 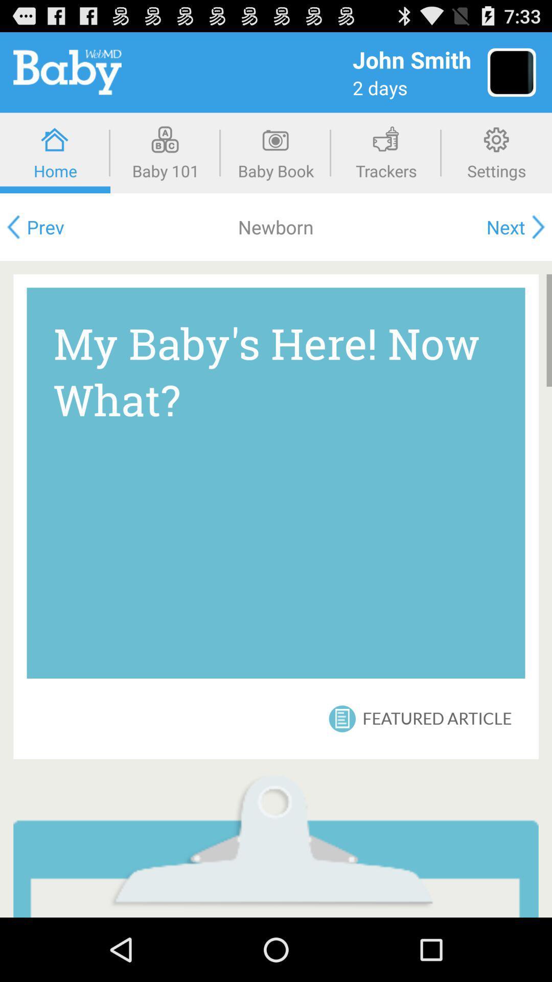 I want to click on the item below my baby s, so click(x=437, y=718).